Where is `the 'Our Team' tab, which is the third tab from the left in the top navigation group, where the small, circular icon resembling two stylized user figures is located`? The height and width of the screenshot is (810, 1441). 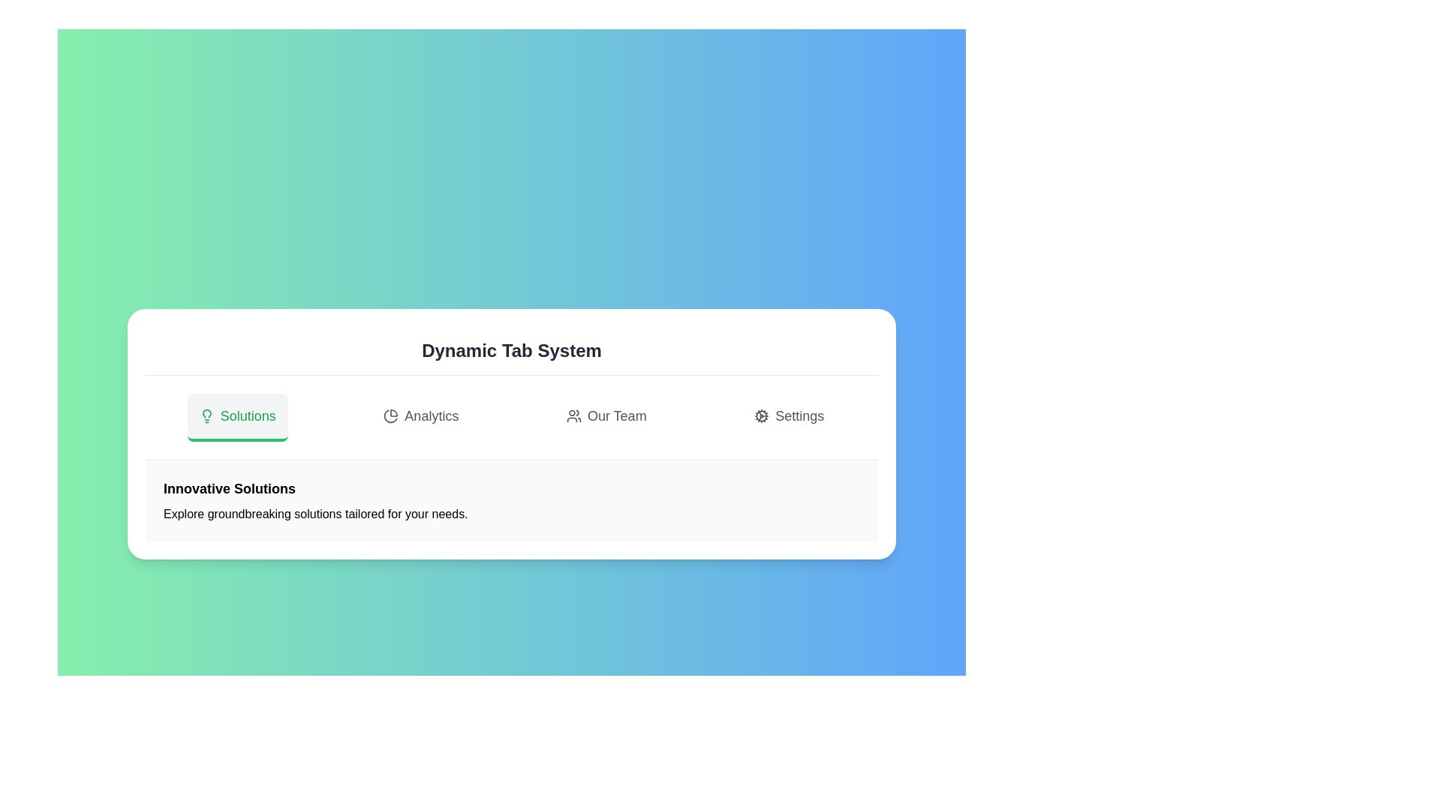
the 'Our Team' tab, which is the third tab from the left in the top navigation group, where the small, circular icon resembling two stylized user figures is located is located at coordinates (573, 416).